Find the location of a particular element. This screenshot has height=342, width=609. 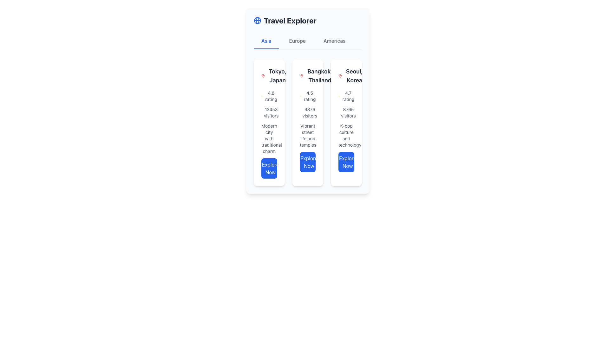

the average user rating text and icon pair located in the first vertical card under the 'Asia' tab, positioned between 'Tokyo, Japan' and '12453 visitors' is located at coordinates (269, 96).